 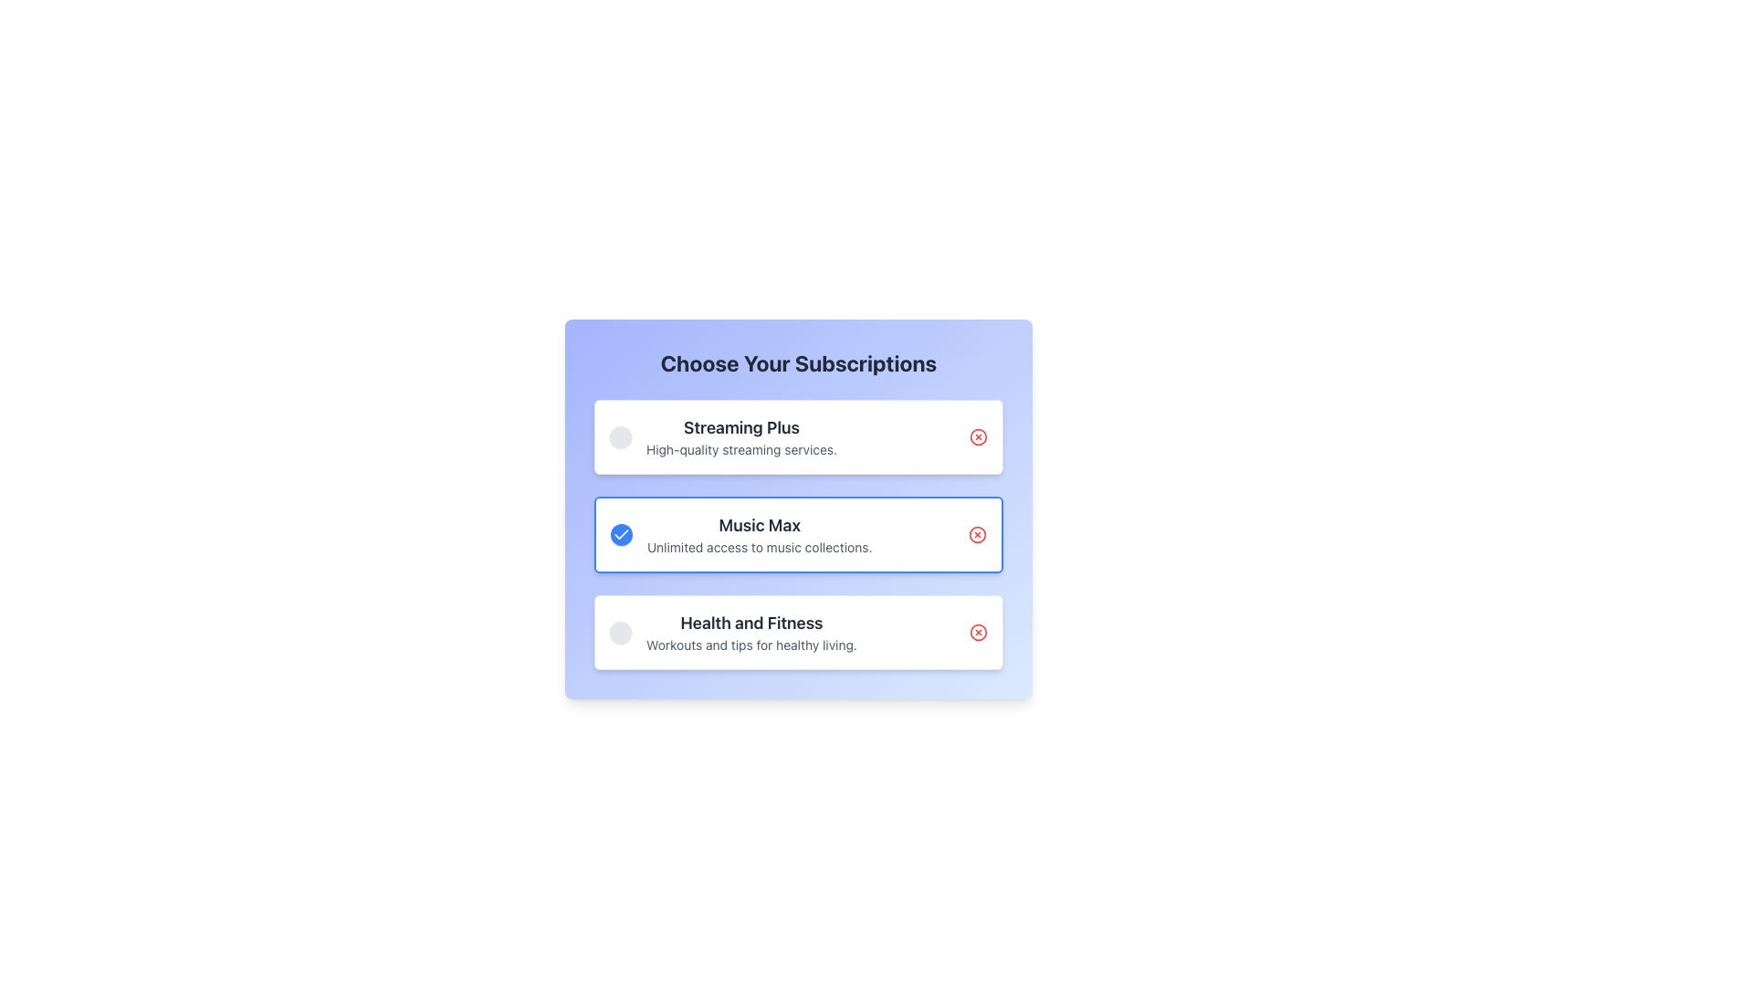 What do you see at coordinates (798, 362) in the screenshot?
I see `text of the header element that displays 'Choose Your Subscriptions', which is styled with bold, large text and is centered within a rounded box with a gradient background` at bounding box center [798, 362].